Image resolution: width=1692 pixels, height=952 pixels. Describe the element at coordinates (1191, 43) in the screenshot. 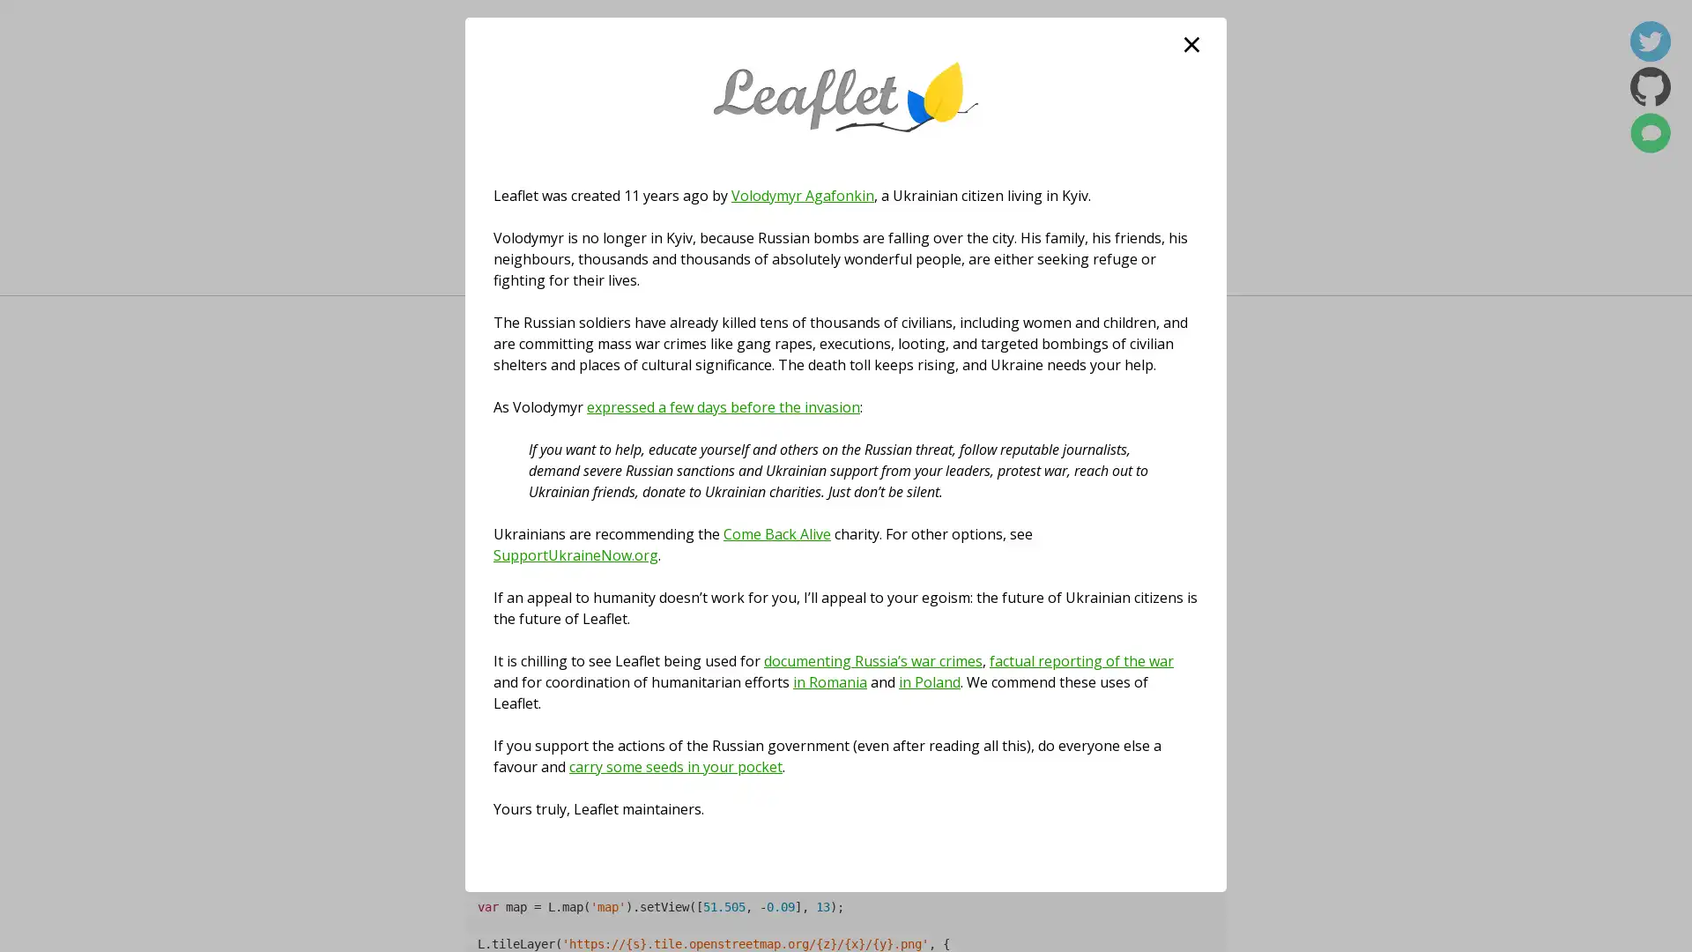

I see `close` at that location.